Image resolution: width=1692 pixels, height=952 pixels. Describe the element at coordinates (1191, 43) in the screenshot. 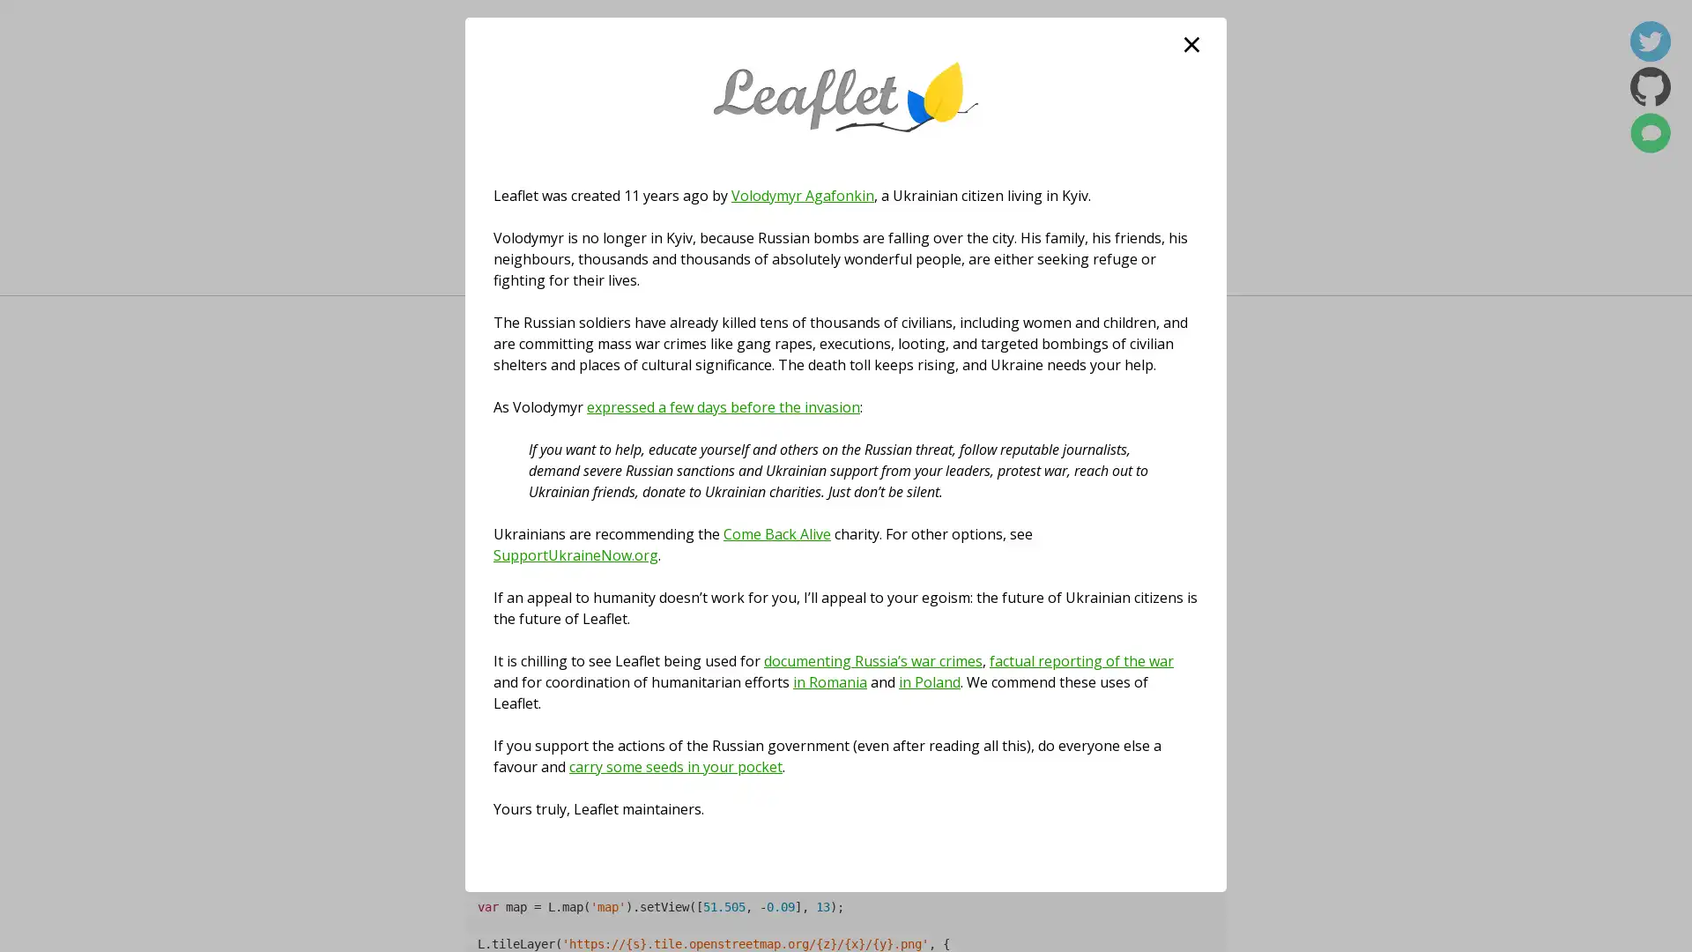

I see `close` at that location.